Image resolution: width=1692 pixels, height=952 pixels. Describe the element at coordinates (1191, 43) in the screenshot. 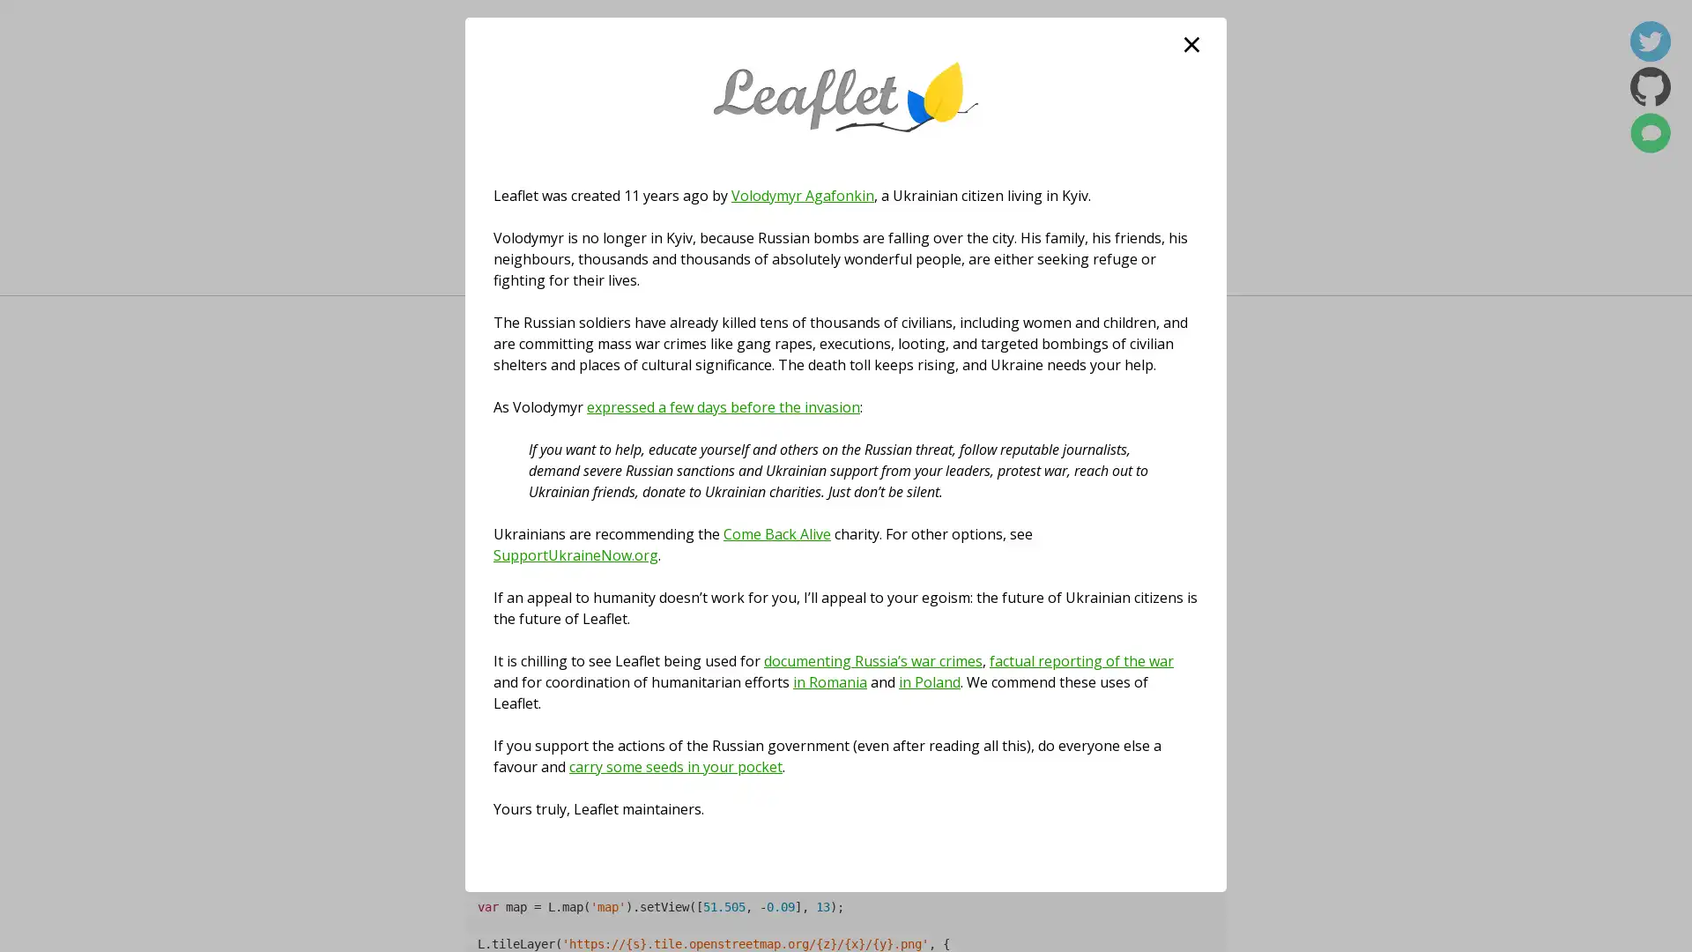

I see `close` at that location.